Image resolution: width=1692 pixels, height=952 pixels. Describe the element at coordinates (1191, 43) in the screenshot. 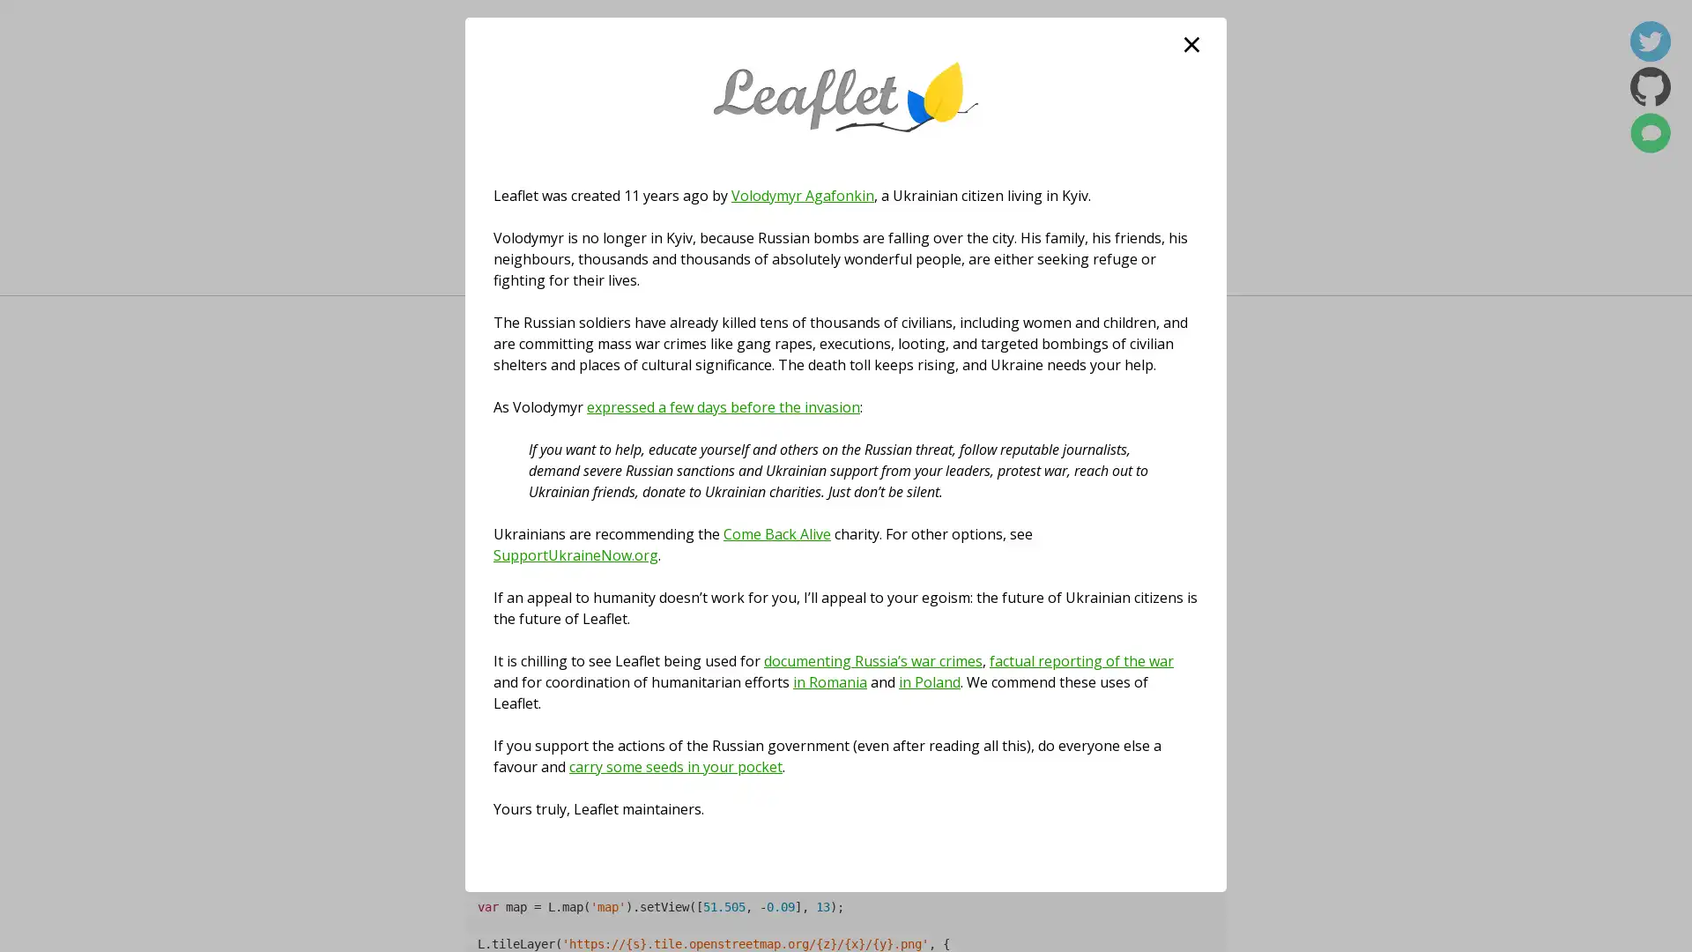

I see `close` at that location.